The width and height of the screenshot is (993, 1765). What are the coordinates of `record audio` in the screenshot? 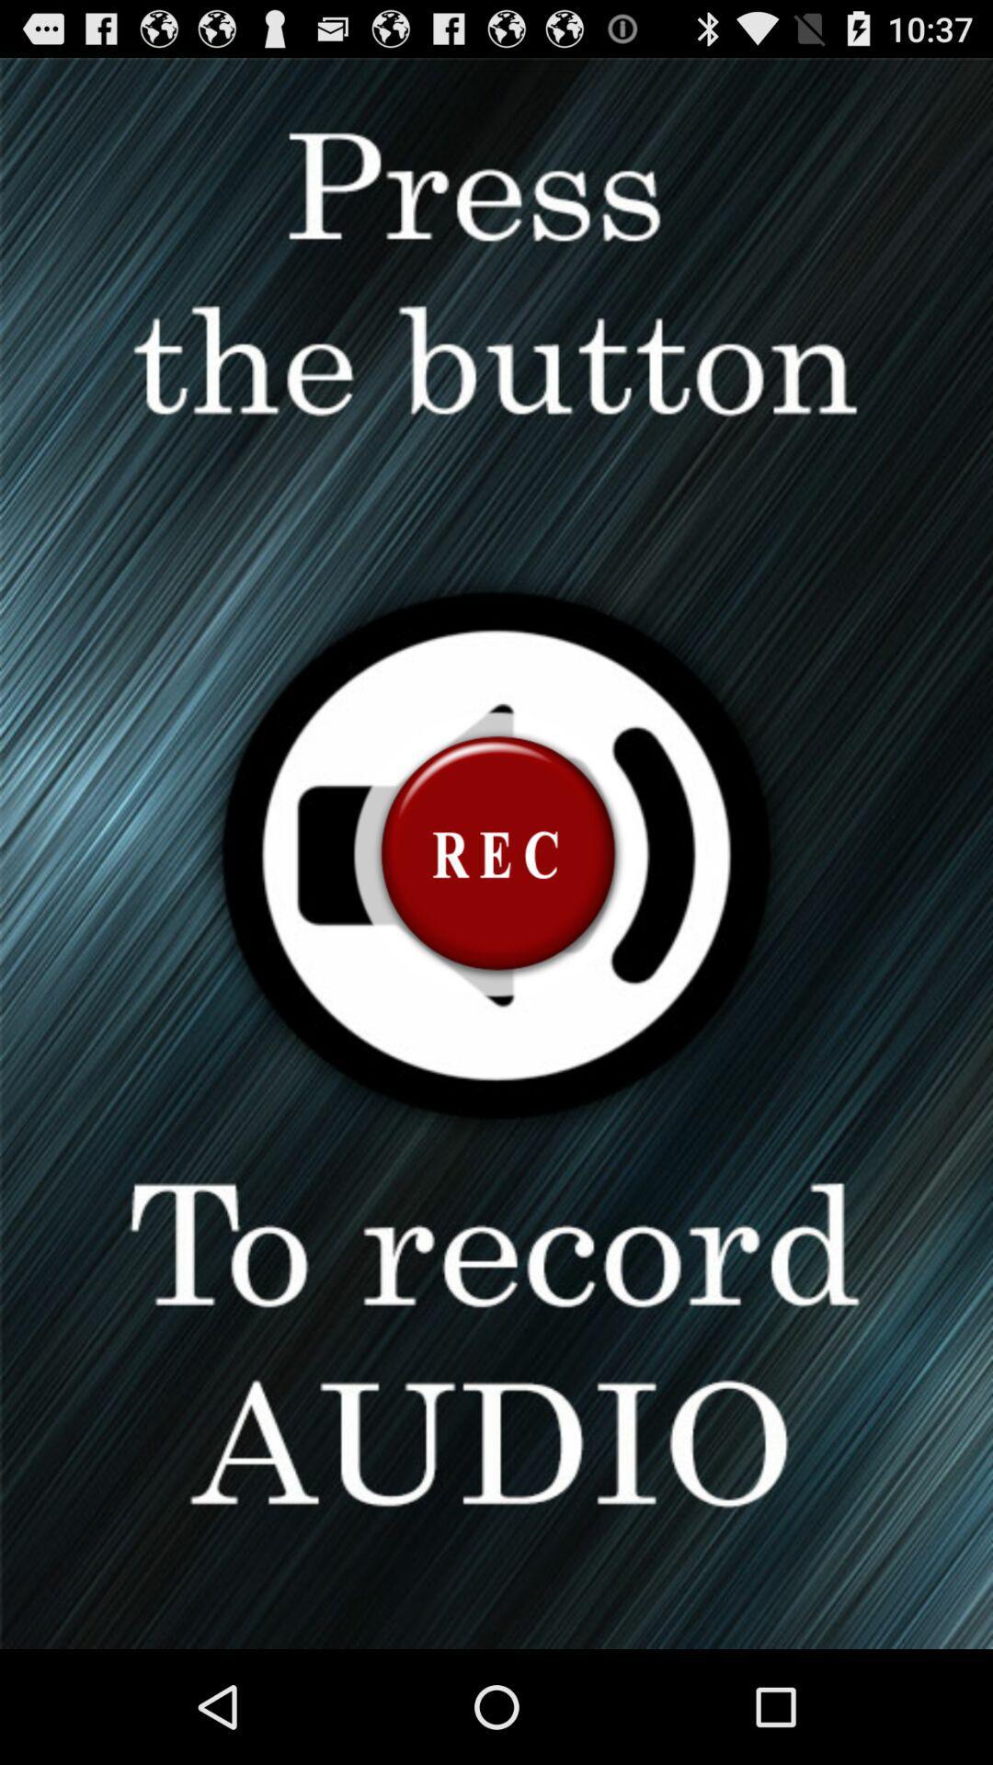 It's located at (496, 852).